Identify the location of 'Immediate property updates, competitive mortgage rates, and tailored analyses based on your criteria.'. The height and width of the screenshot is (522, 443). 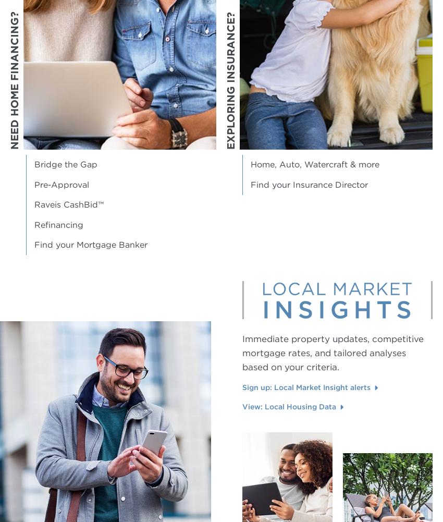
(242, 351).